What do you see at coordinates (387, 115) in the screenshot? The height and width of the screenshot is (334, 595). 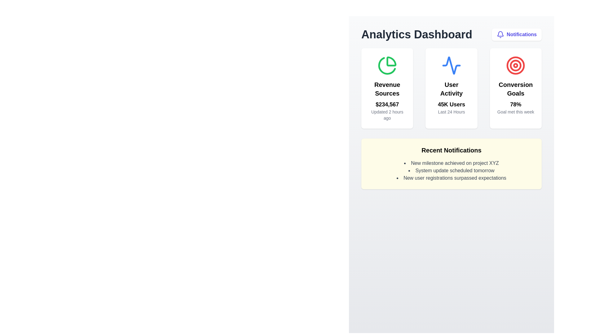 I see `the label displaying 'Updated 2 hours ago' in light gray color, located beneath the dollar amount '$234,567' in the 'Revenue Sources' card` at bounding box center [387, 115].